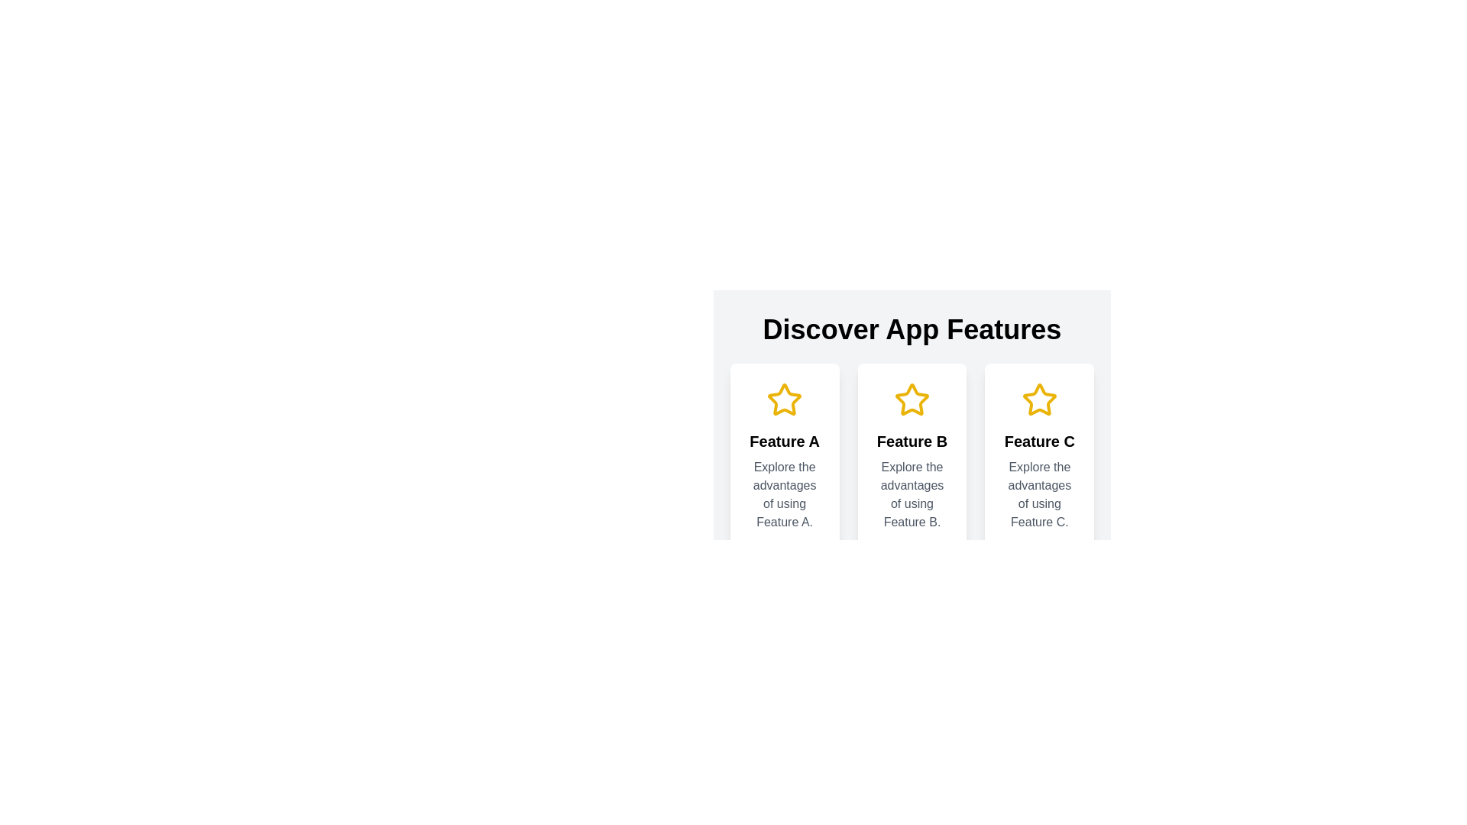 This screenshot has height=825, width=1467. I want to click on the text label that provides a descriptive insight into 'Feature A,' located below the title 'Feature A' in the first column of a three-column layout under 'Discover App Features.', so click(785, 495).